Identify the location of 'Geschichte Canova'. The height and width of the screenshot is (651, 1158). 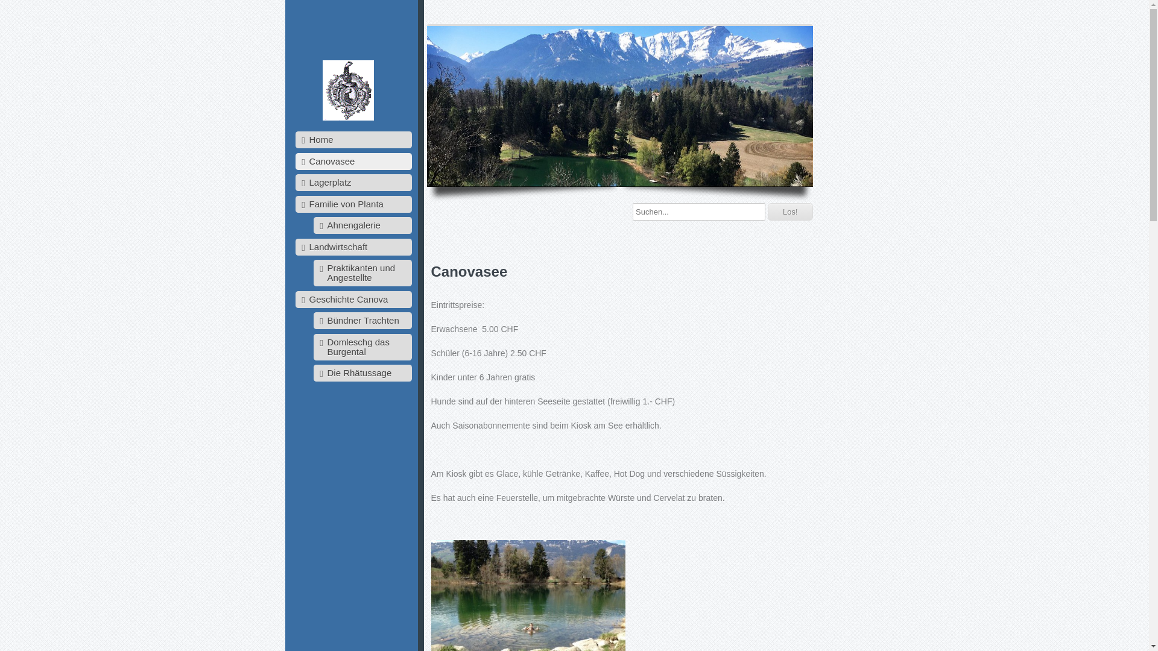
(353, 298).